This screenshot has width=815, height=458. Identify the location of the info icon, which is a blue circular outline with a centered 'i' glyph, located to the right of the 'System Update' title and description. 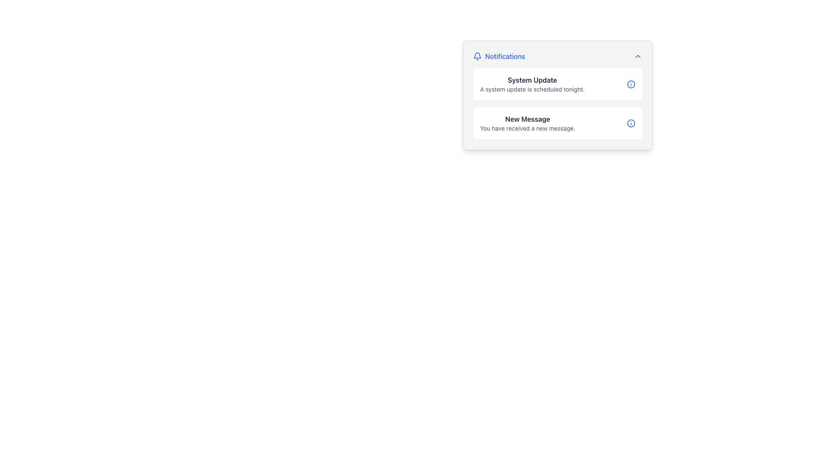
(631, 84).